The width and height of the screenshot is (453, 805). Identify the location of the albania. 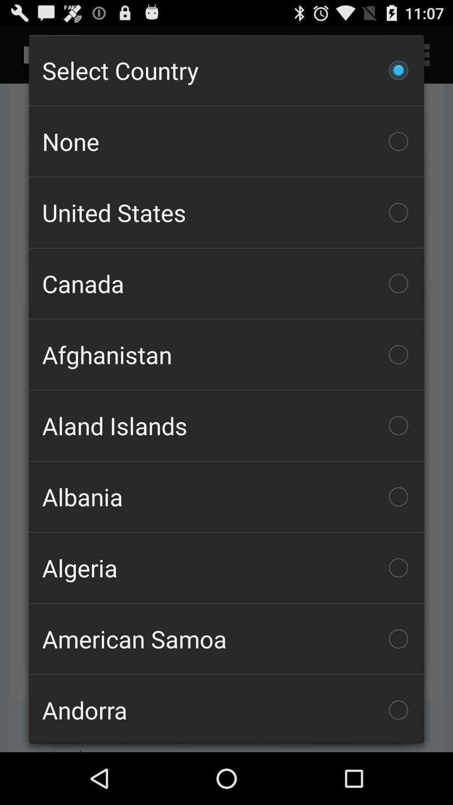
(226, 497).